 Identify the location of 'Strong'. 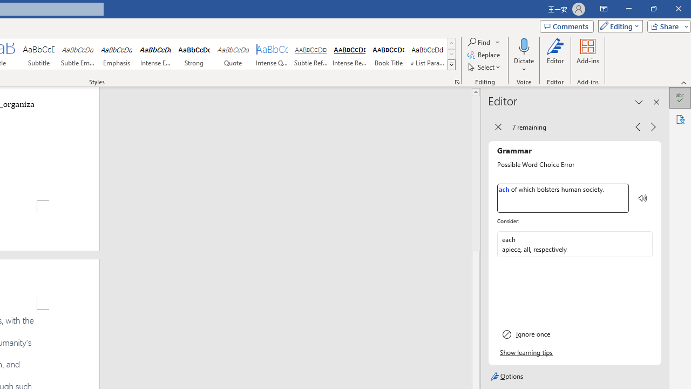
(194, 54).